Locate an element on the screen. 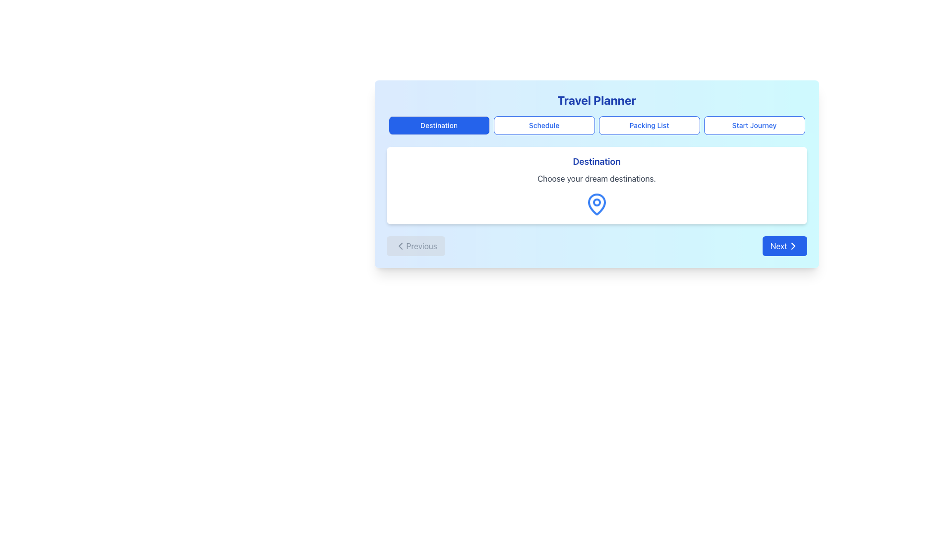 This screenshot has height=536, width=952. the right-pointing chevron icon located at the far right of the 'Next' button is located at coordinates (792, 246).